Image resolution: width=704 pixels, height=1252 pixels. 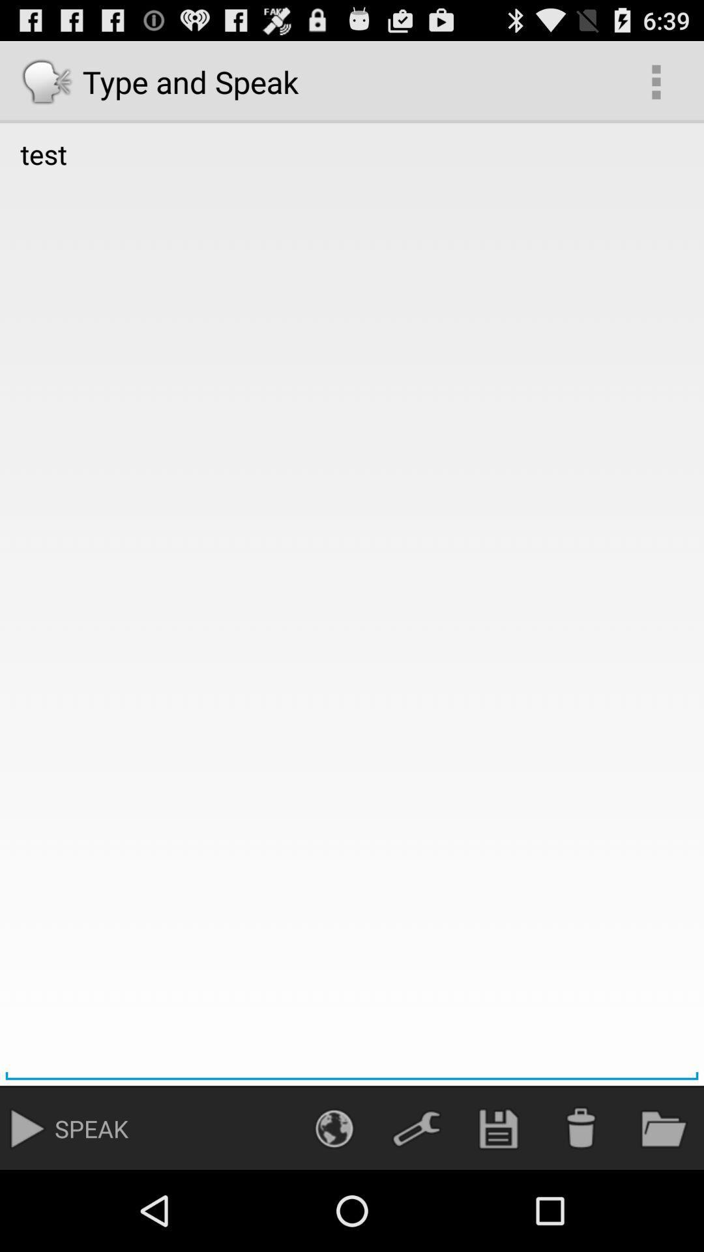 What do you see at coordinates (580, 1207) in the screenshot?
I see `the delete icon` at bounding box center [580, 1207].